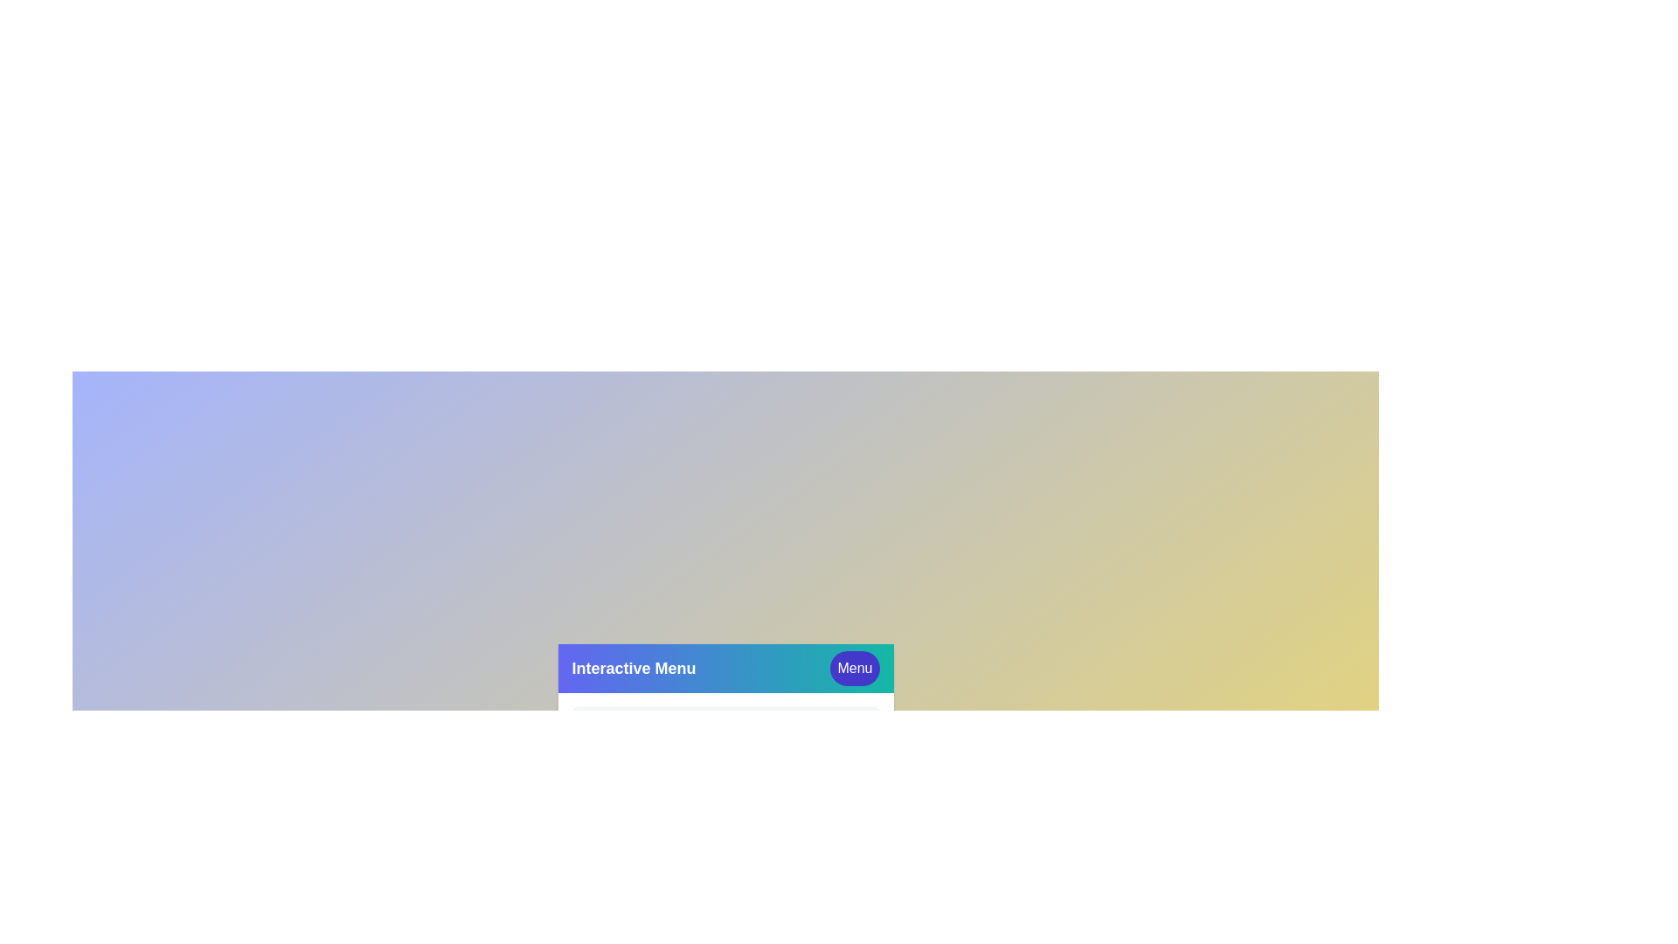  I want to click on the 'Menu' button to toggle the menu's visibility, so click(855, 668).